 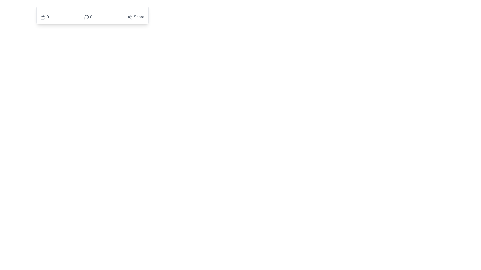 What do you see at coordinates (88, 17) in the screenshot?
I see `the comment button located centrally between the 'Like' button and the 'Share' button` at bounding box center [88, 17].